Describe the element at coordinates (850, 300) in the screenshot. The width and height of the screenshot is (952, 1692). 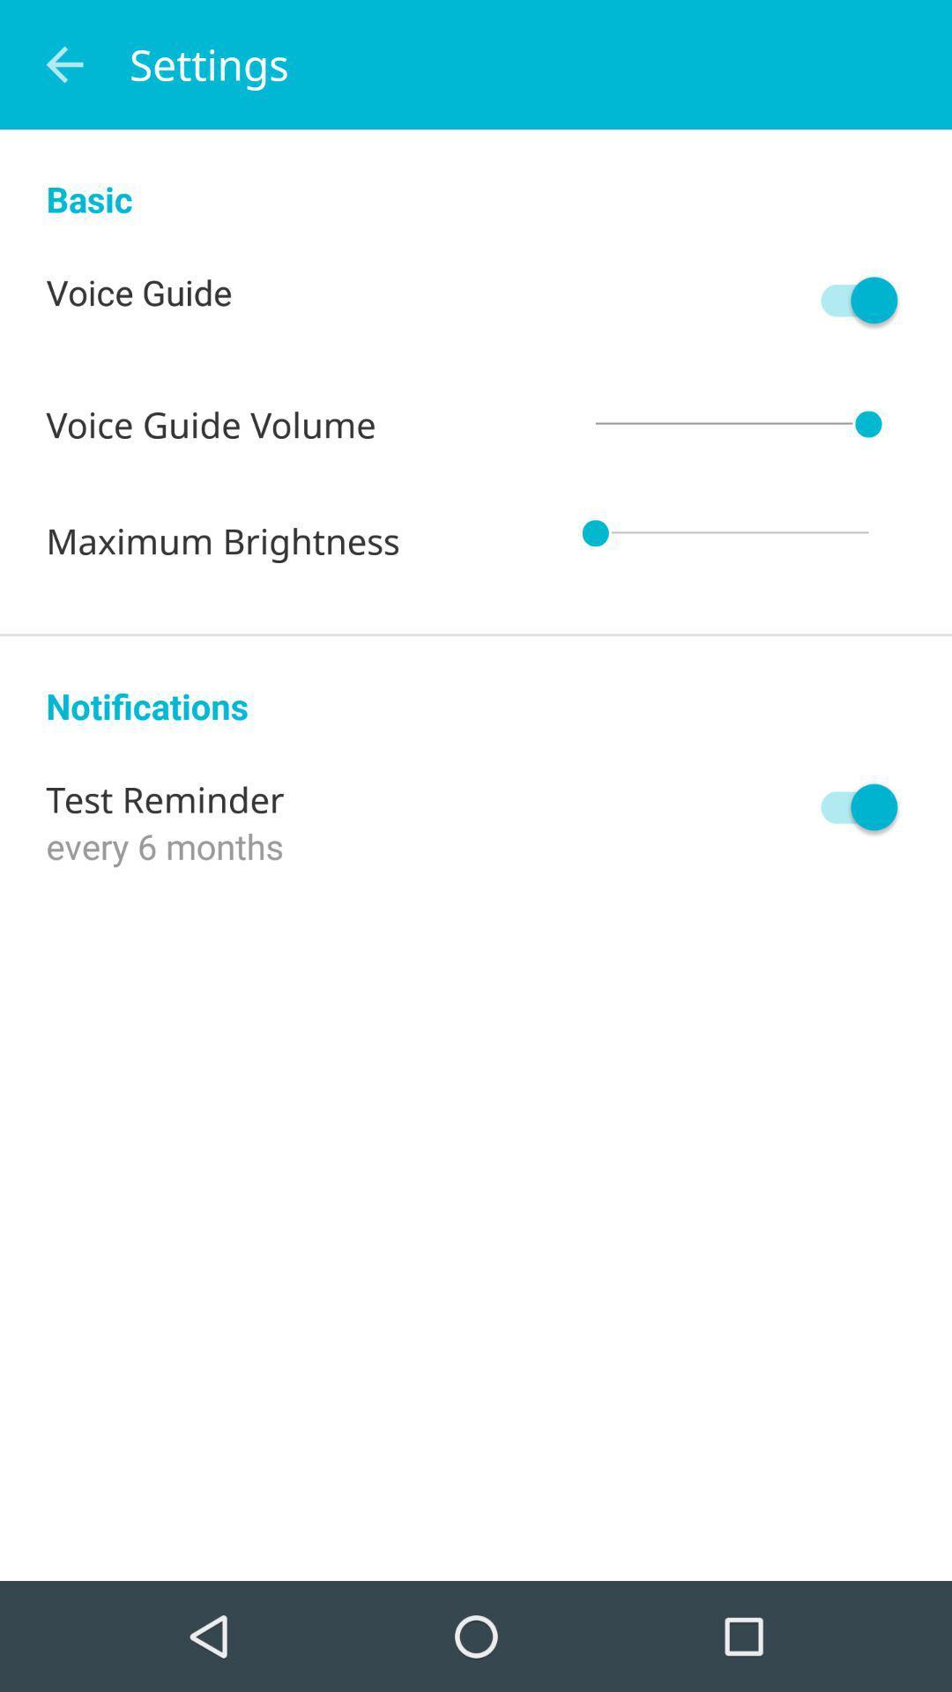
I see `the icon to the right of voice guide icon` at that location.